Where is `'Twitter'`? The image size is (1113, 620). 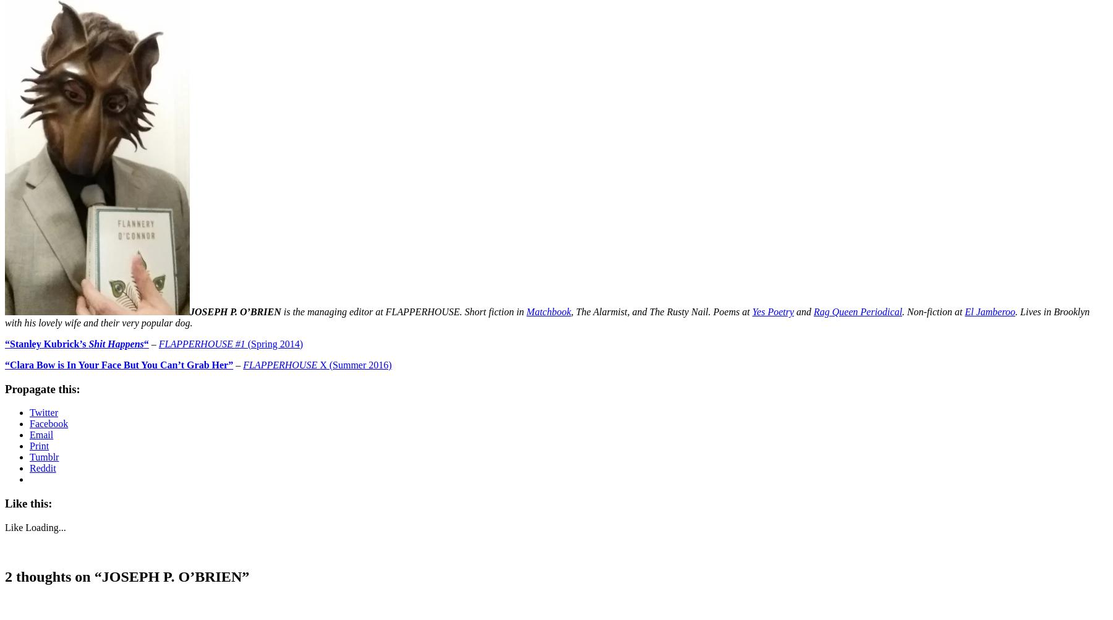
'Twitter' is located at coordinates (29, 412).